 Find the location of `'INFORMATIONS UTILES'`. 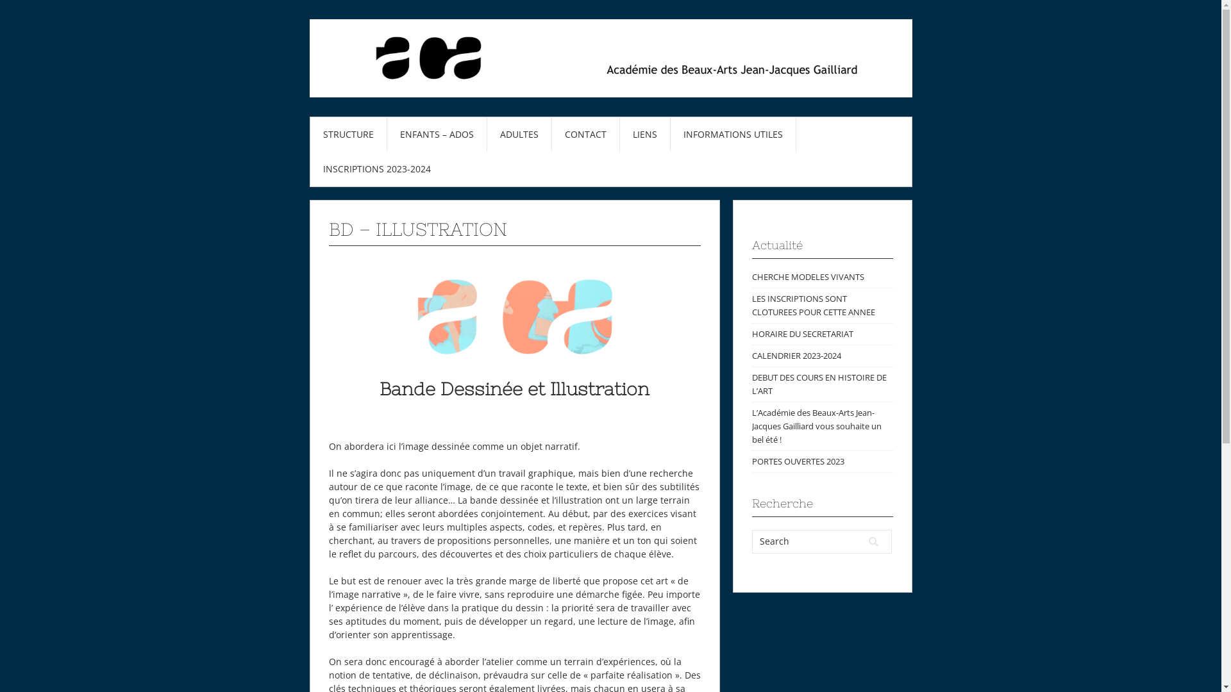

'INFORMATIONS UTILES' is located at coordinates (733, 134).